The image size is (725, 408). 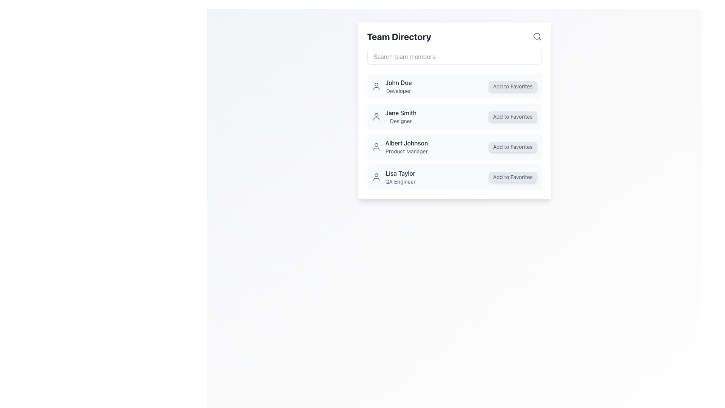 What do you see at coordinates (454, 147) in the screenshot?
I see `the user profile card located third in the vertical list, which displays the user's name and role, and includes an action button for adding to favorites` at bounding box center [454, 147].